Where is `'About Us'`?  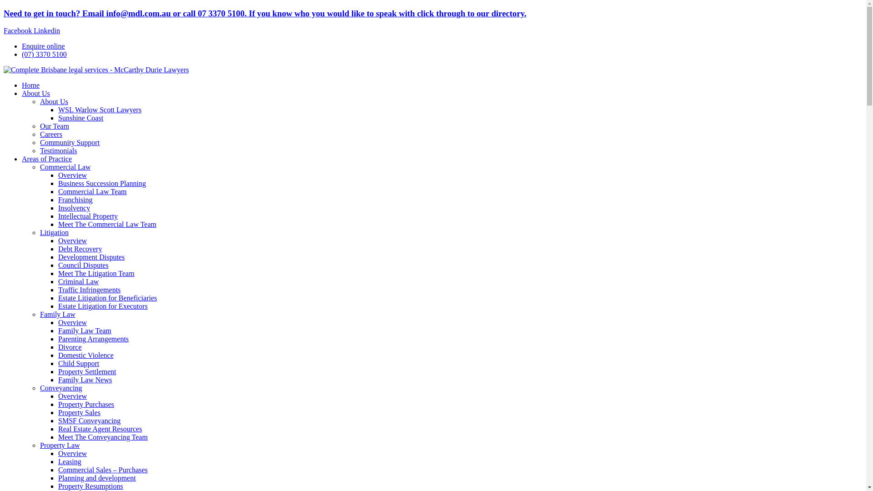 'About Us' is located at coordinates (54, 101).